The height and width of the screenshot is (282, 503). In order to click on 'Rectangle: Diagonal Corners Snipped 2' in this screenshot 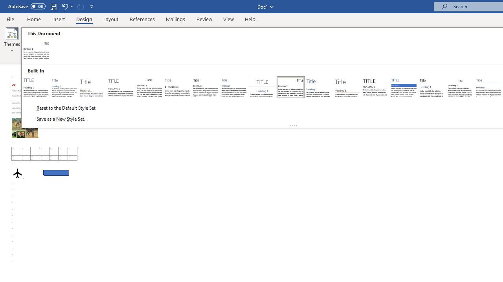, I will do `click(56, 172)`.